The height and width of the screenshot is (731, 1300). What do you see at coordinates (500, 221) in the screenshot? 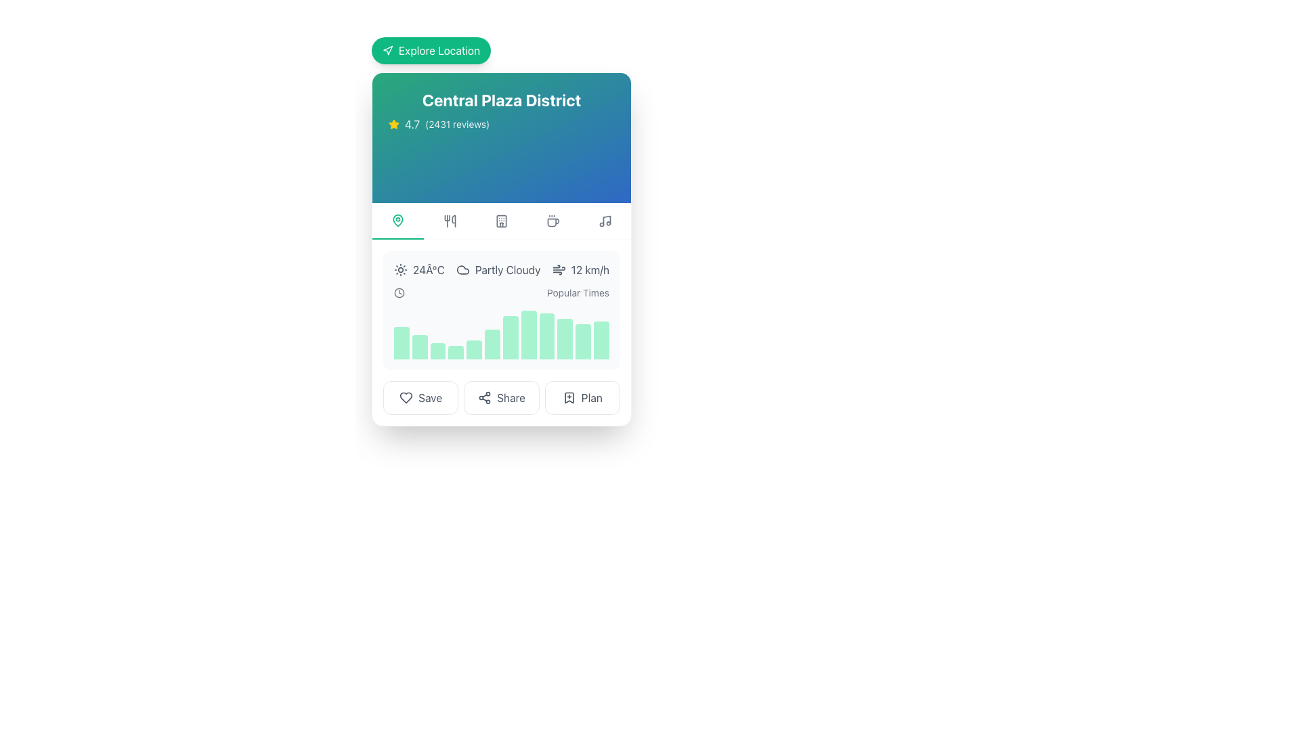
I see `the hotel icon, which is a minimalistic gray representation with rounded ends and windows, located as the third icon from the left in the navigation row` at bounding box center [500, 221].